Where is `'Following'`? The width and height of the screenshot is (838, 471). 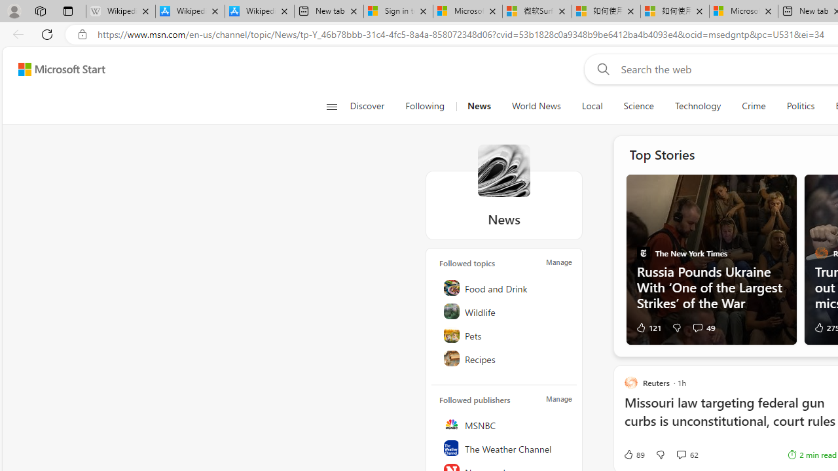 'Following' is located at coordinates (424, 106).